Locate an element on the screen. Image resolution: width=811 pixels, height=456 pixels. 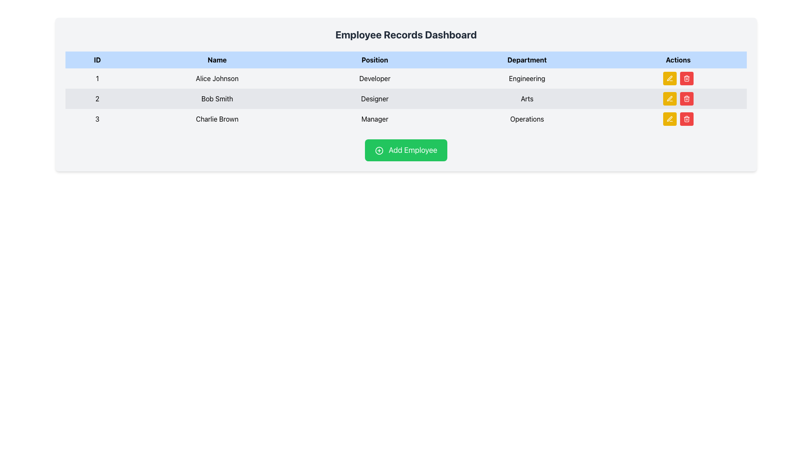
the yellow pencil icon button in the second row under the 'Actions' column is located at coordinates (669, 98).